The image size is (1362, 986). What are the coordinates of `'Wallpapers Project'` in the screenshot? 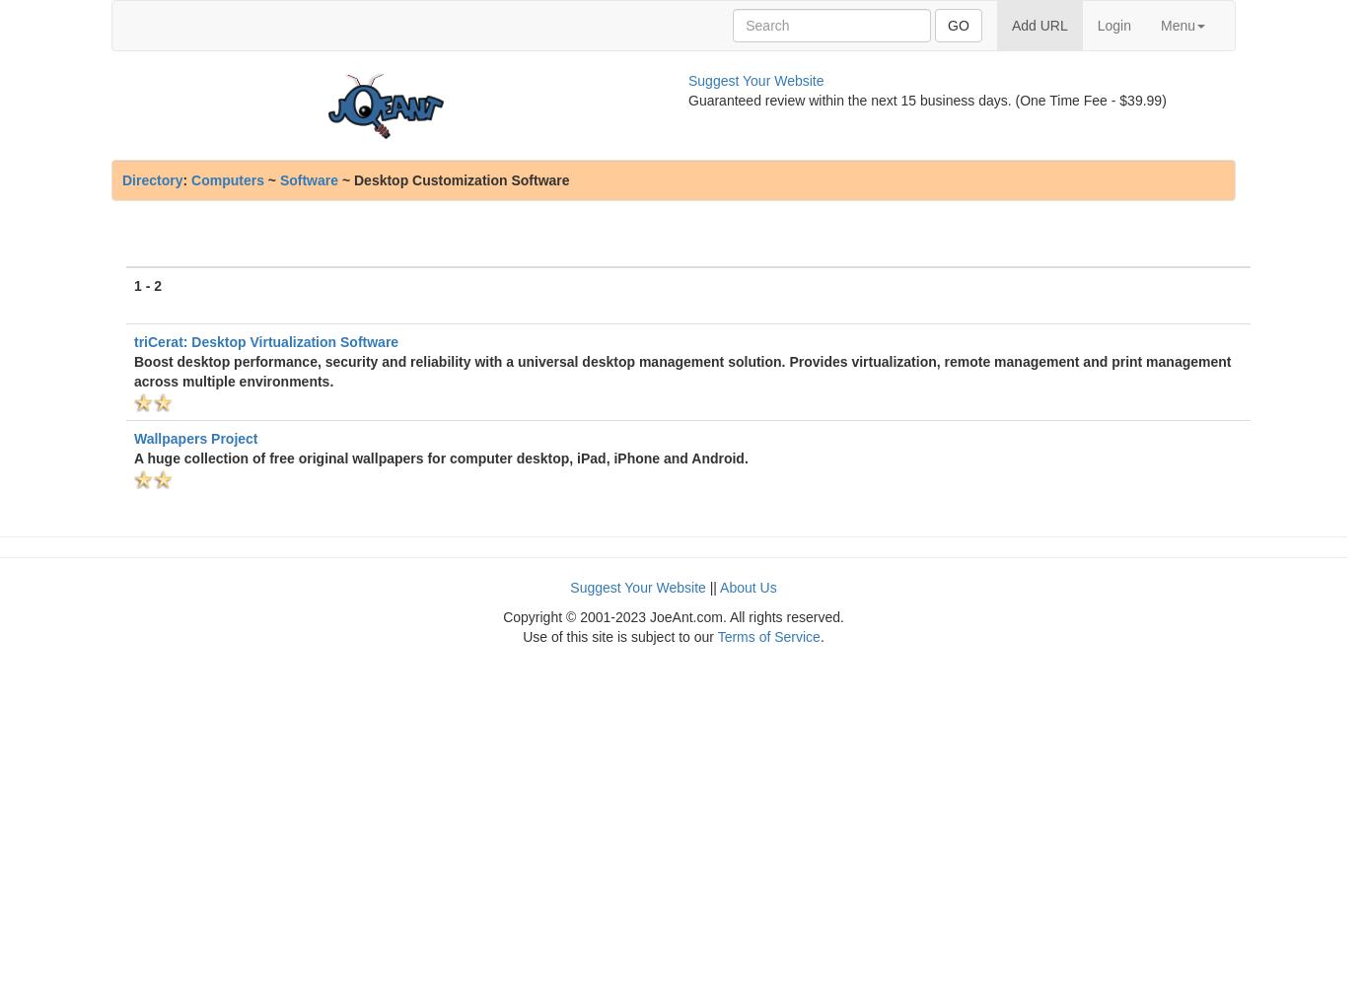 It's located at (194, 437).